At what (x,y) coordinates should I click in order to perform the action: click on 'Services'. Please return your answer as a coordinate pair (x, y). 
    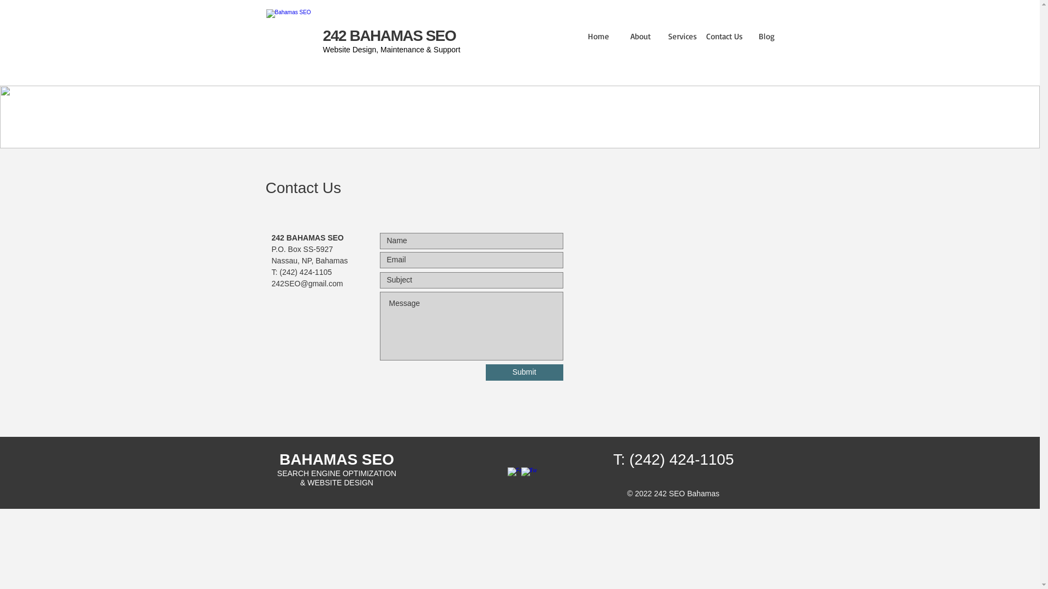
    Looking at the image, I should click on (681, 35).